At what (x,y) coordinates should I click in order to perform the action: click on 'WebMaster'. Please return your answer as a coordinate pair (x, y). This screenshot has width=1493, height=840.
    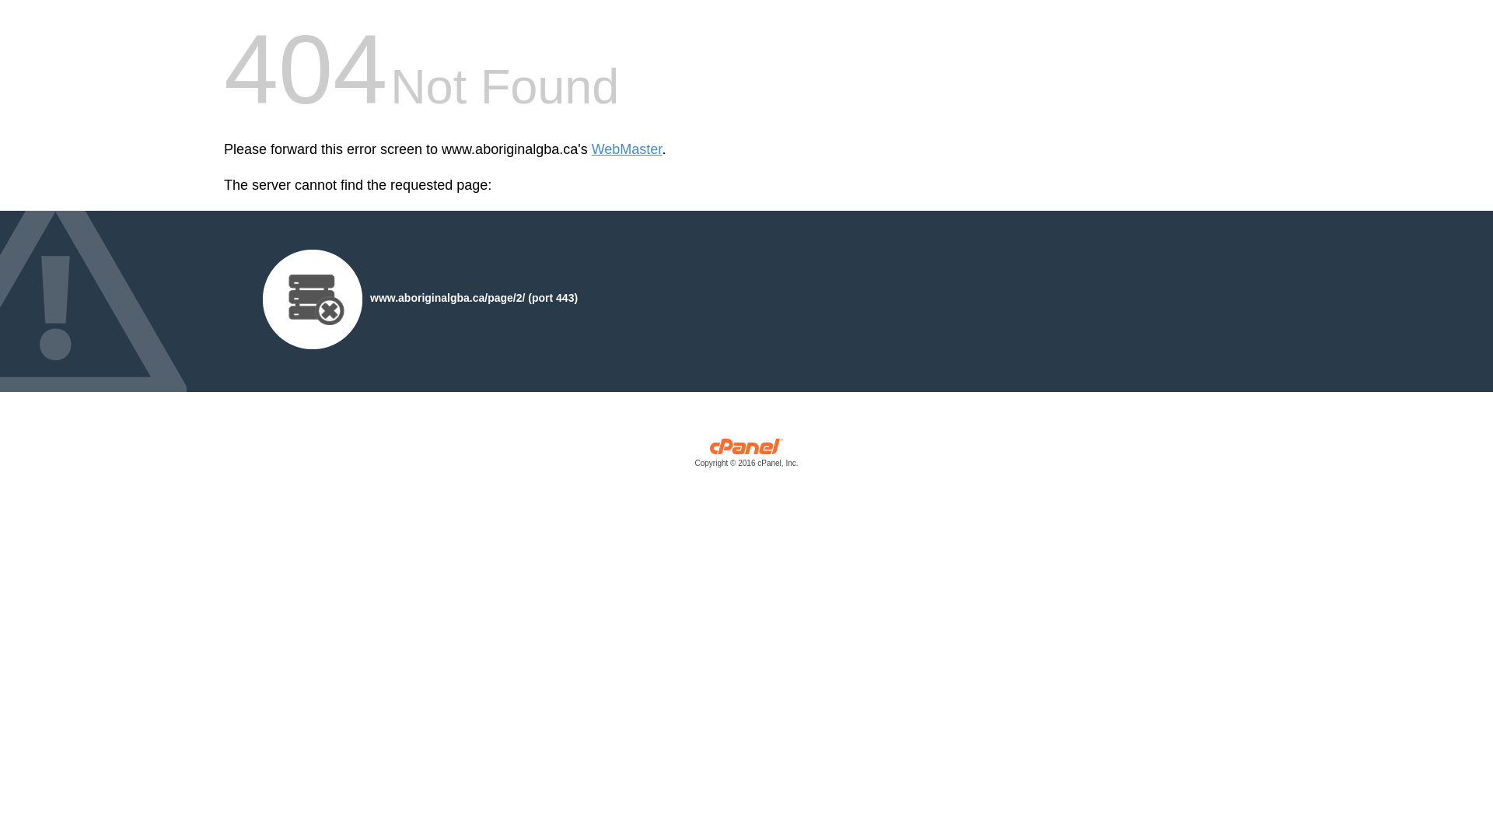
    Looking at the image, I should click on (627, 149).